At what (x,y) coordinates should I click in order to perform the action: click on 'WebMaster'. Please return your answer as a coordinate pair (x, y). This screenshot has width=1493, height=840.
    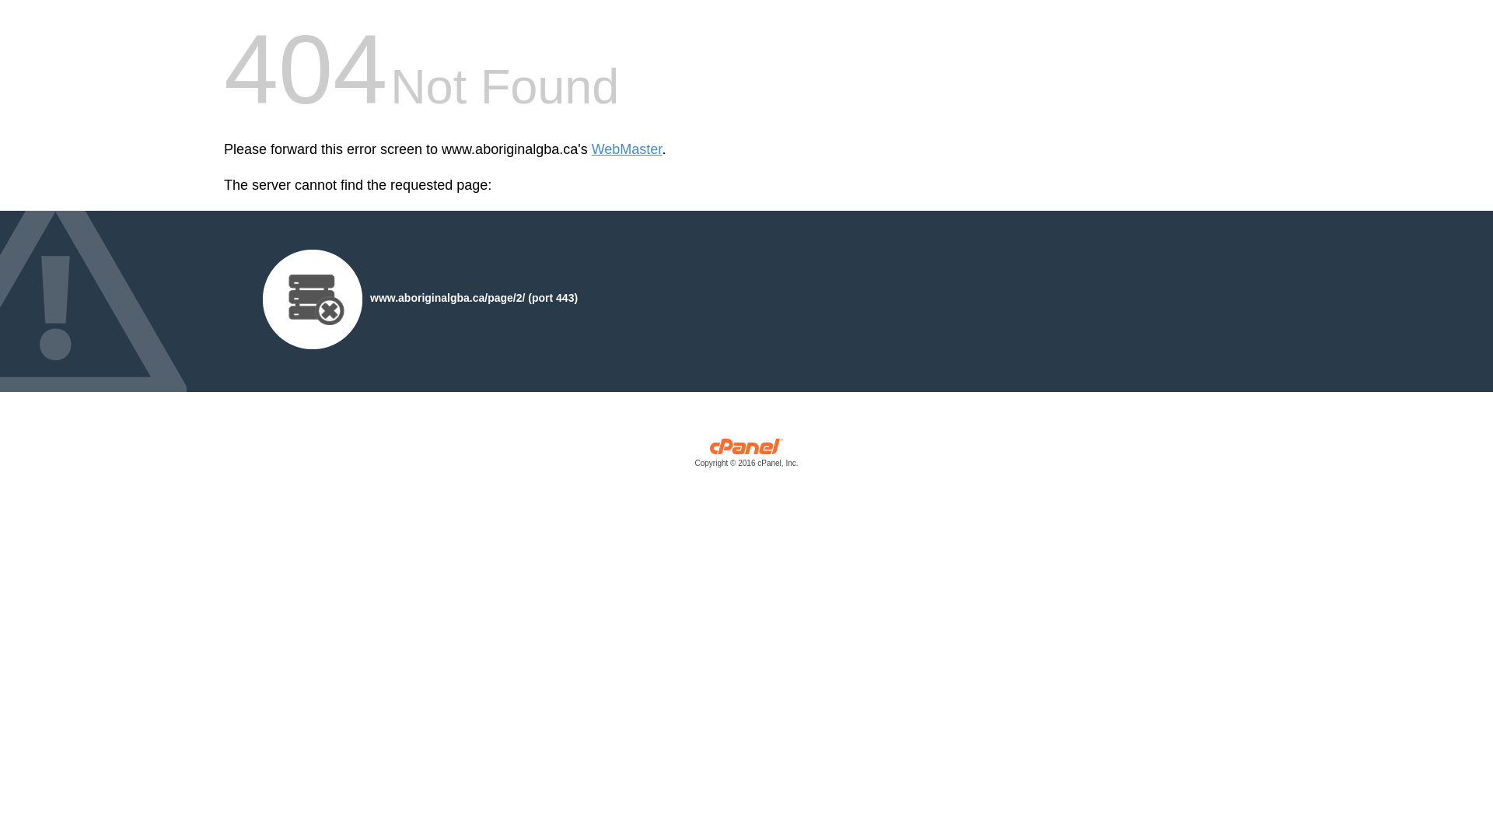
    Looking at the image, I should click on (627, 149).